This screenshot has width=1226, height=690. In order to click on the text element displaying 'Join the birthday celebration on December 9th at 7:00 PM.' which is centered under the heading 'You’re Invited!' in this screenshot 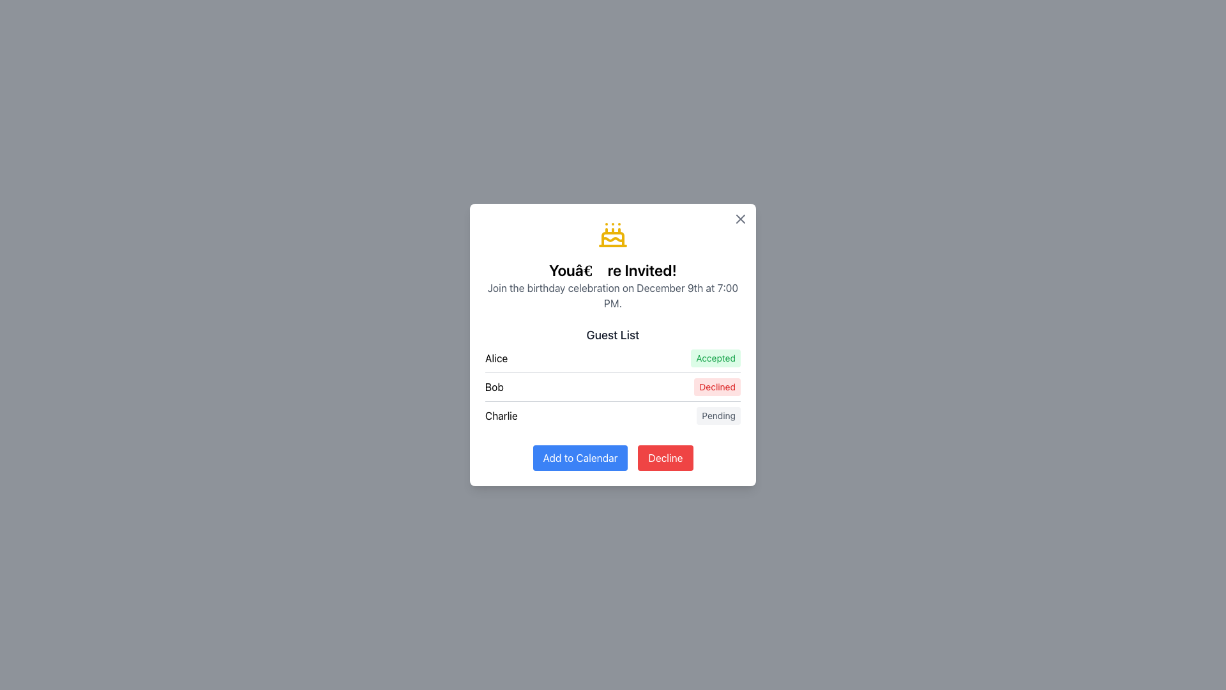, I will do `click(613, 295)`.